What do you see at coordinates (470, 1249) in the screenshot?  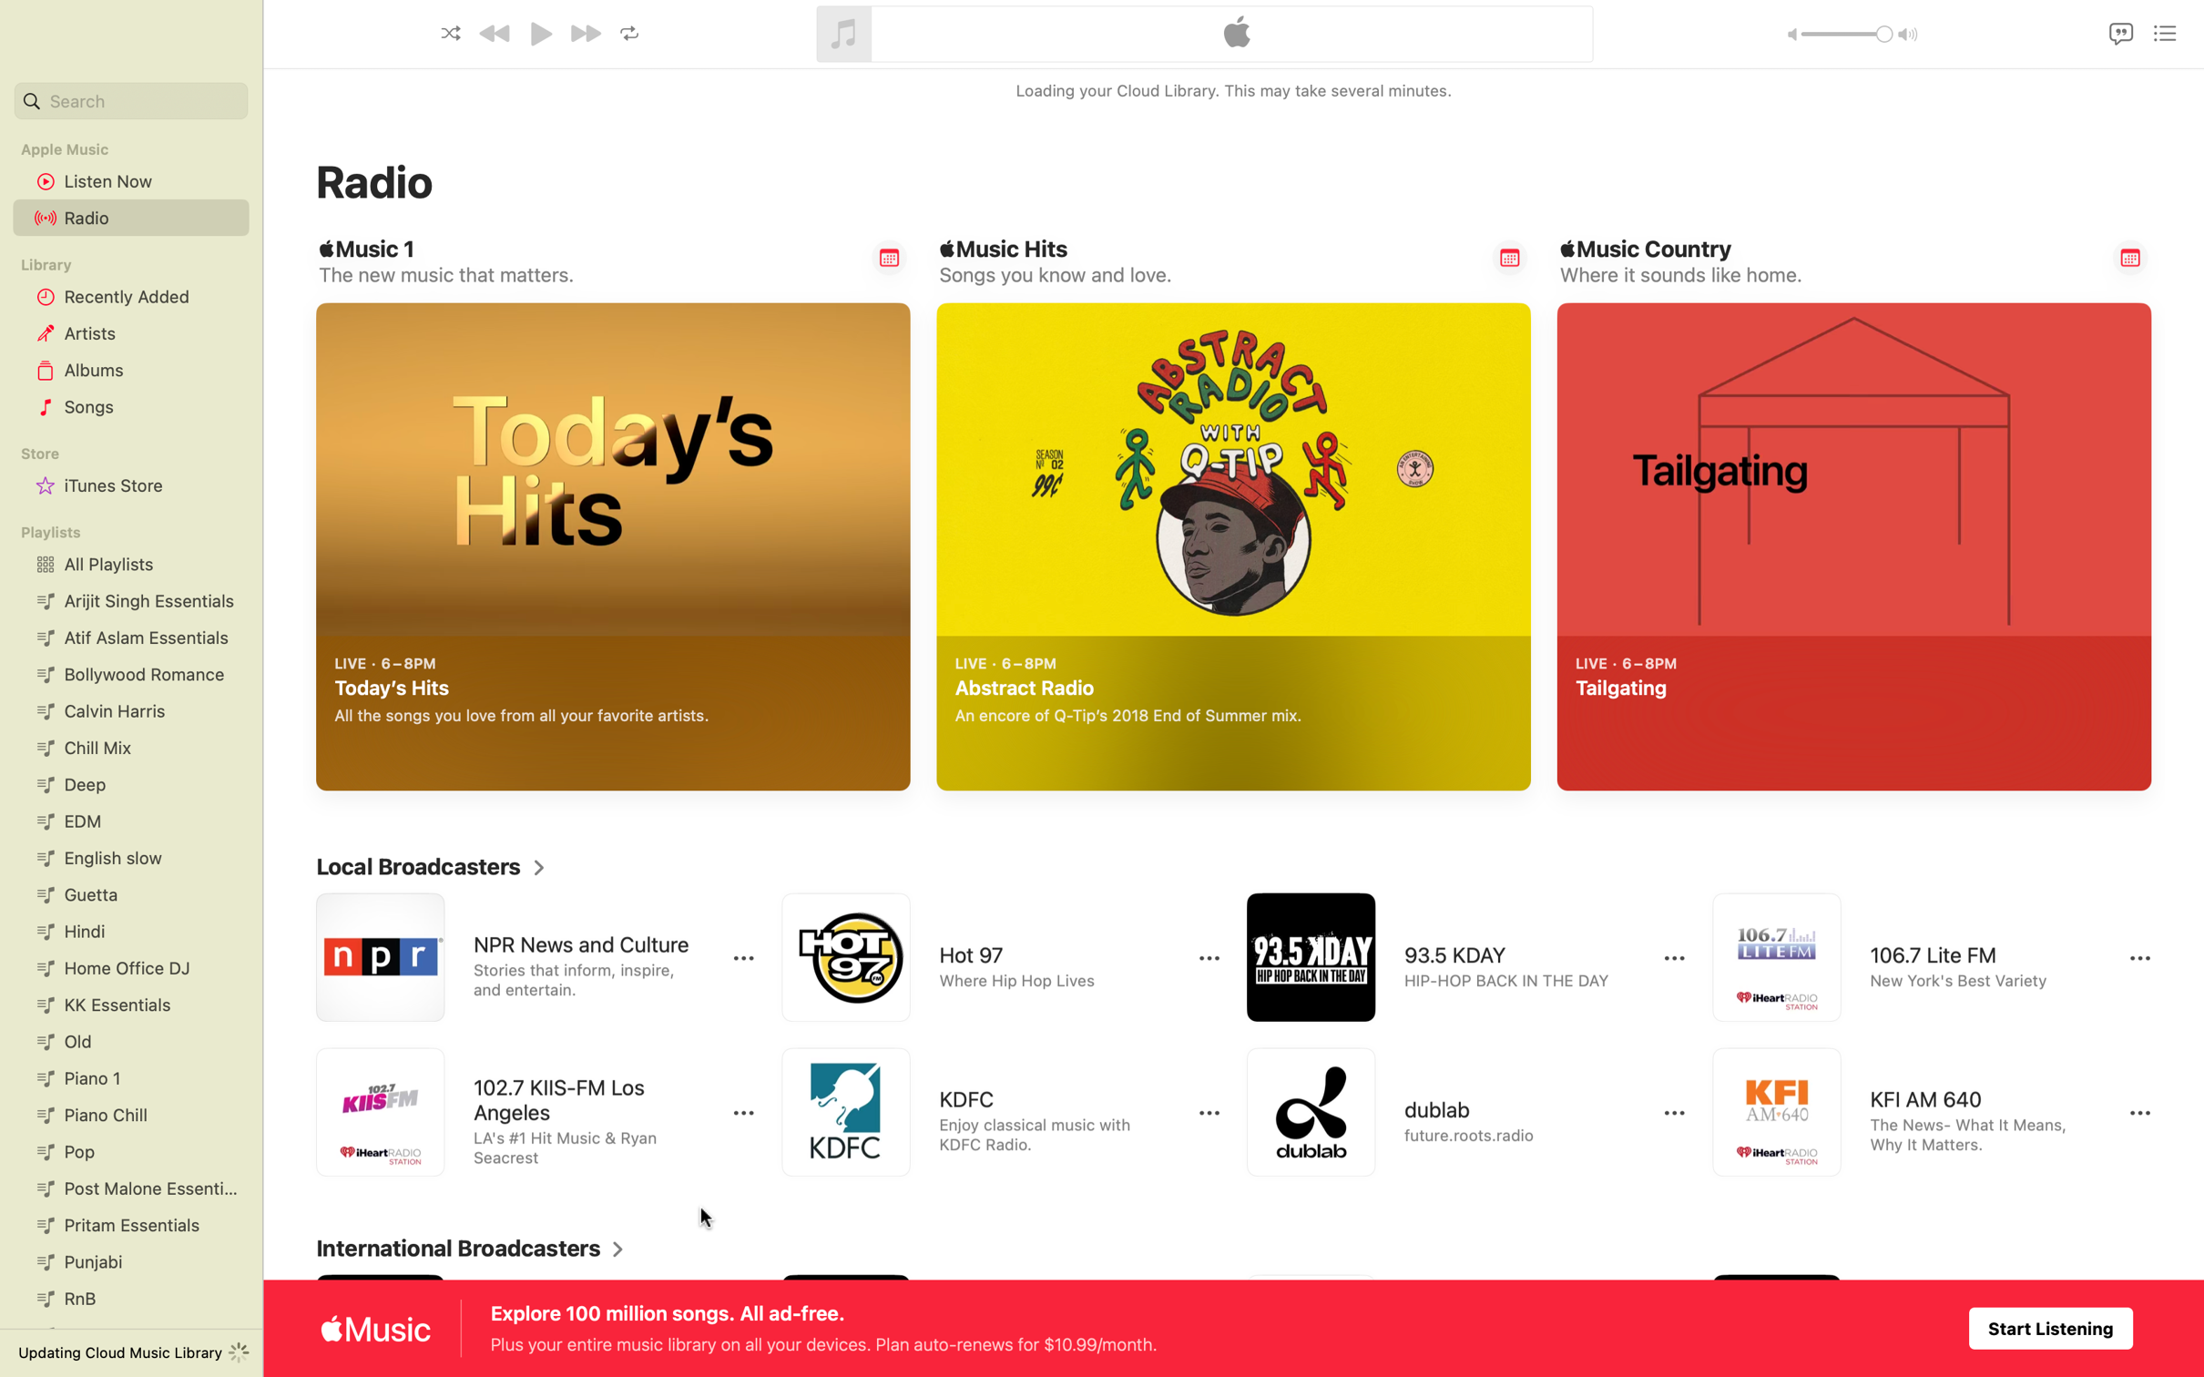 I see `Unfold the complete catalog of international radio stations` at bounding box center [470, 1249].